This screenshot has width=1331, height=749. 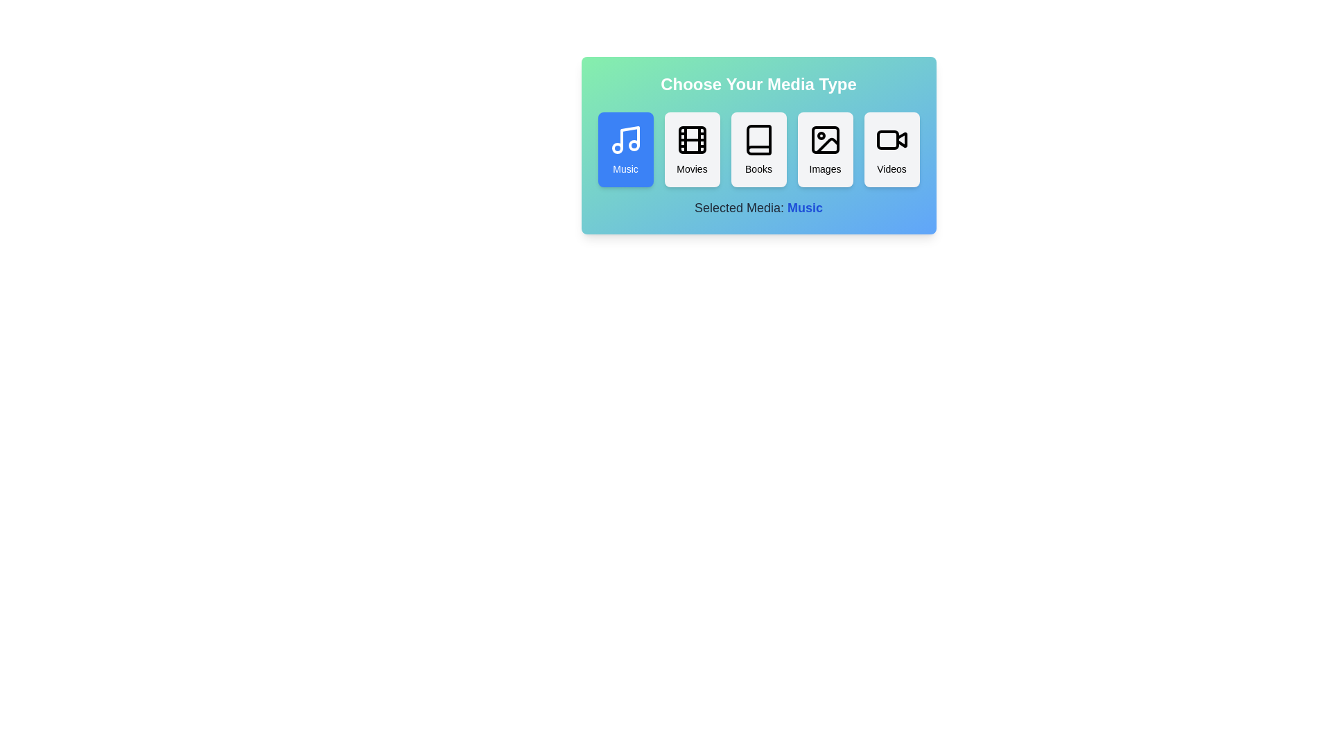 I want to click on the Images button to observe hover effects, so click(x=825, y=150).